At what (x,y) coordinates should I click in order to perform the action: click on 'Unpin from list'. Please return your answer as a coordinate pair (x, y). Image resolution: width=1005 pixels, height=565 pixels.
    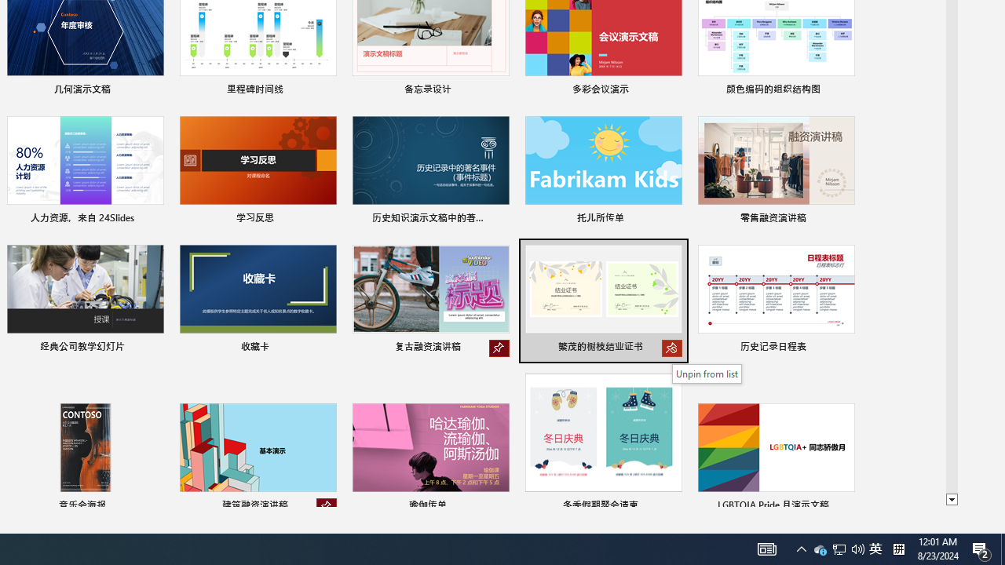
    Looking at the image, I should click on (706, 374).